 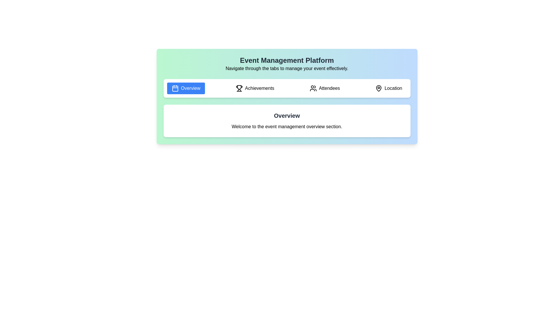 I want to click on the 'Location' button with a map pin icon in the top navigation bar, so click(x=389, y=88).